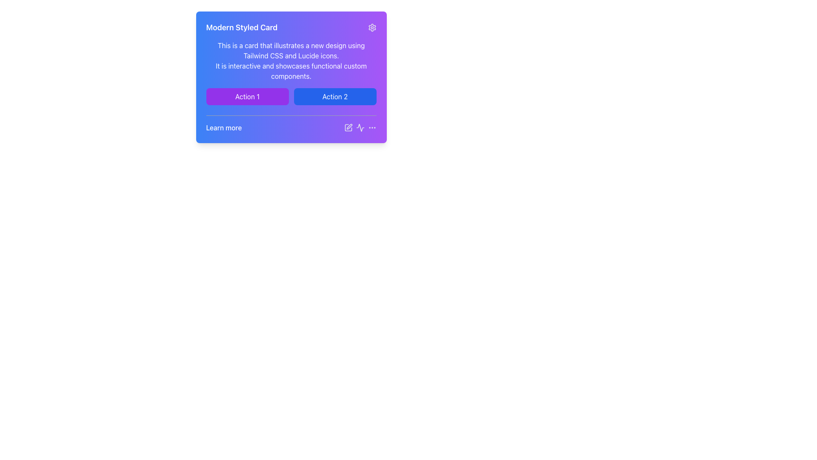 This screenshot has width=817, height=460. What do you see at coordinates (224, 128) in the screenshot?
I see `the 'Learn more' hyperlink located at the bottom of the card component` at bounding box center [224, 128].